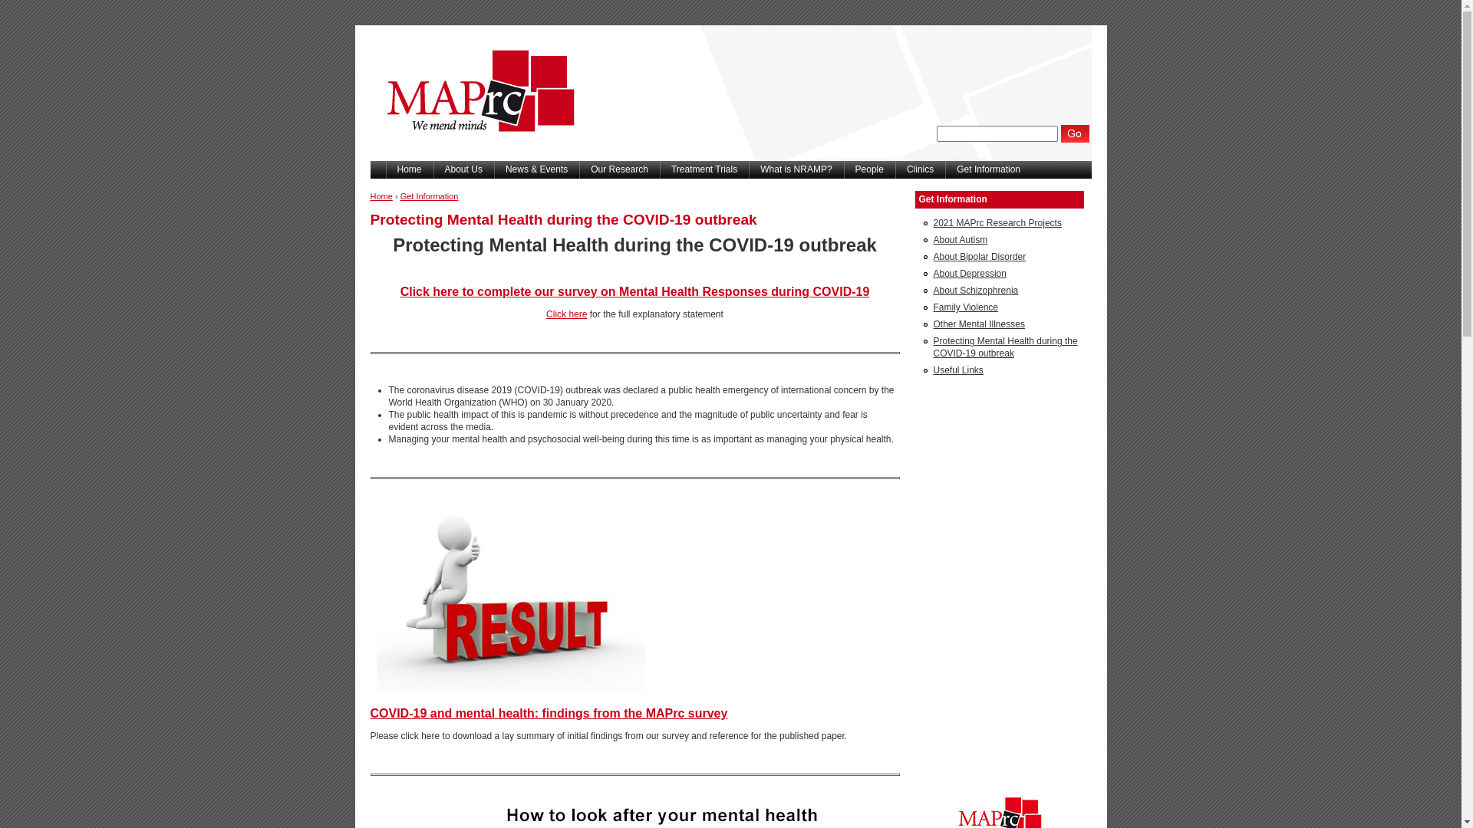 The width and height of the screenshot is (1473, 828). What do you see at coordinates (493, 169) in the screenshot?
I see `'News & Events'` at bounding box center [493, 169].